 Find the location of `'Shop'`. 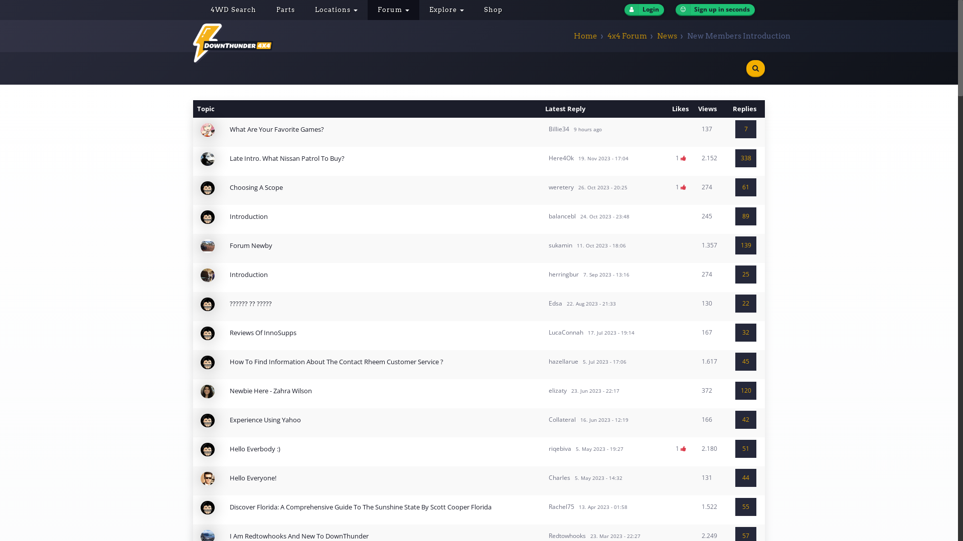

'Shop' is located at coordinates (493, 10).